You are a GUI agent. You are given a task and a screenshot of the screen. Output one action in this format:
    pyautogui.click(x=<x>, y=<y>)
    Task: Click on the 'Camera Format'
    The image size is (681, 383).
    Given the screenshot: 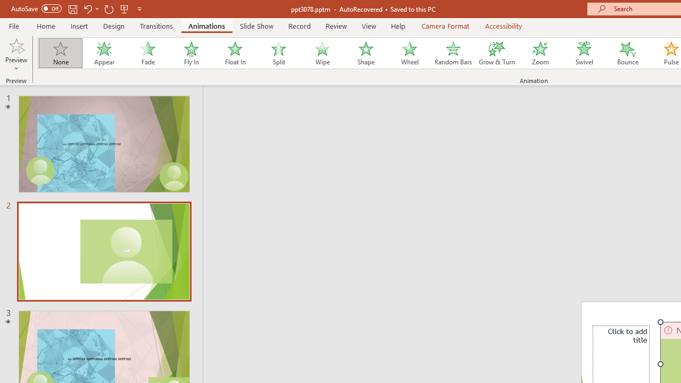 What is the action you would take?
    pyautogui.click(x=445, y=26)
    